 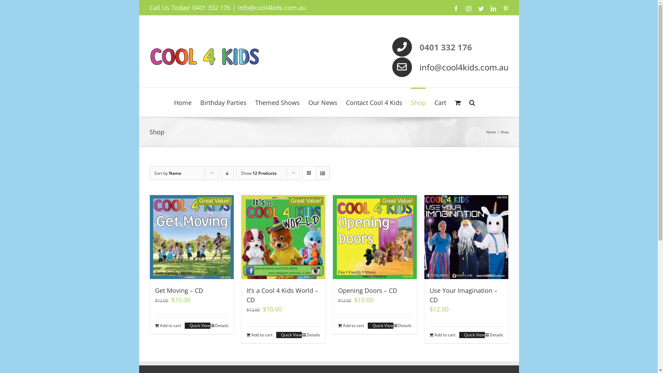 I want to click on 'Contact Cool 4 Kids', so click(x=374, y=102).